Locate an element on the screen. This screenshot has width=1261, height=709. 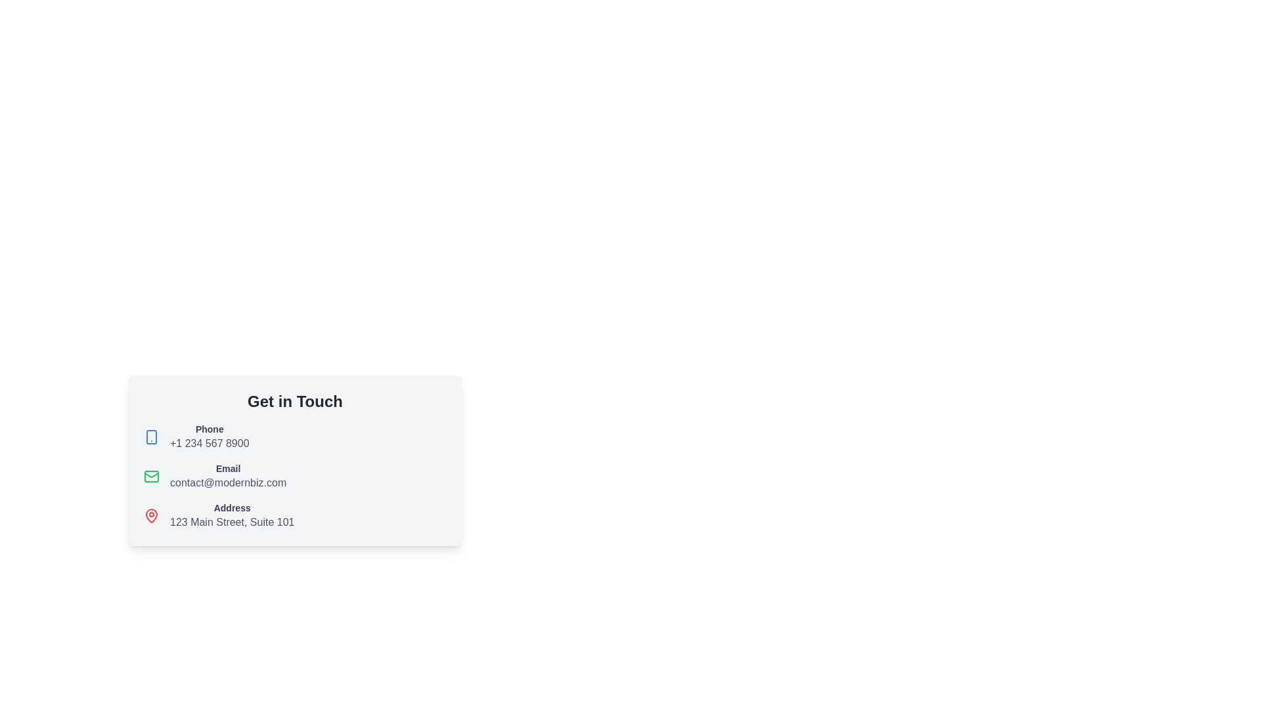
the address icon located at the bottom of the card-like section containing contact information, positioned to the left of the 'Address' label and text is located at coordinates (151, 515).